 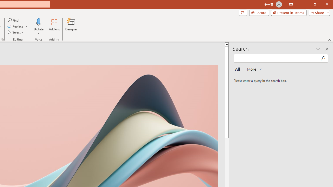 I want to click on 'Dictate', so click(x=39, y=27).